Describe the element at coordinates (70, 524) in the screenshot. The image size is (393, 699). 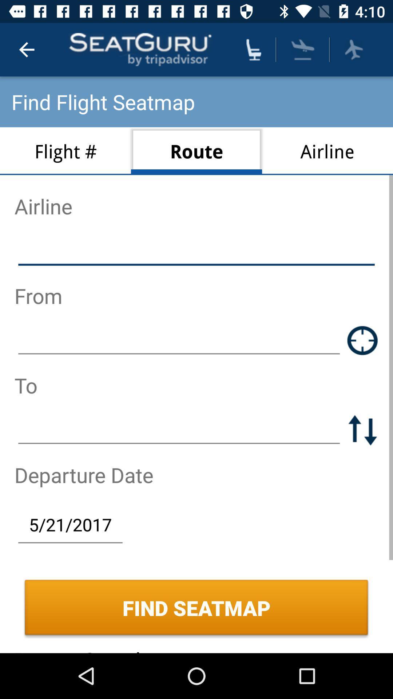
I see `icon below departure date item` at that location.